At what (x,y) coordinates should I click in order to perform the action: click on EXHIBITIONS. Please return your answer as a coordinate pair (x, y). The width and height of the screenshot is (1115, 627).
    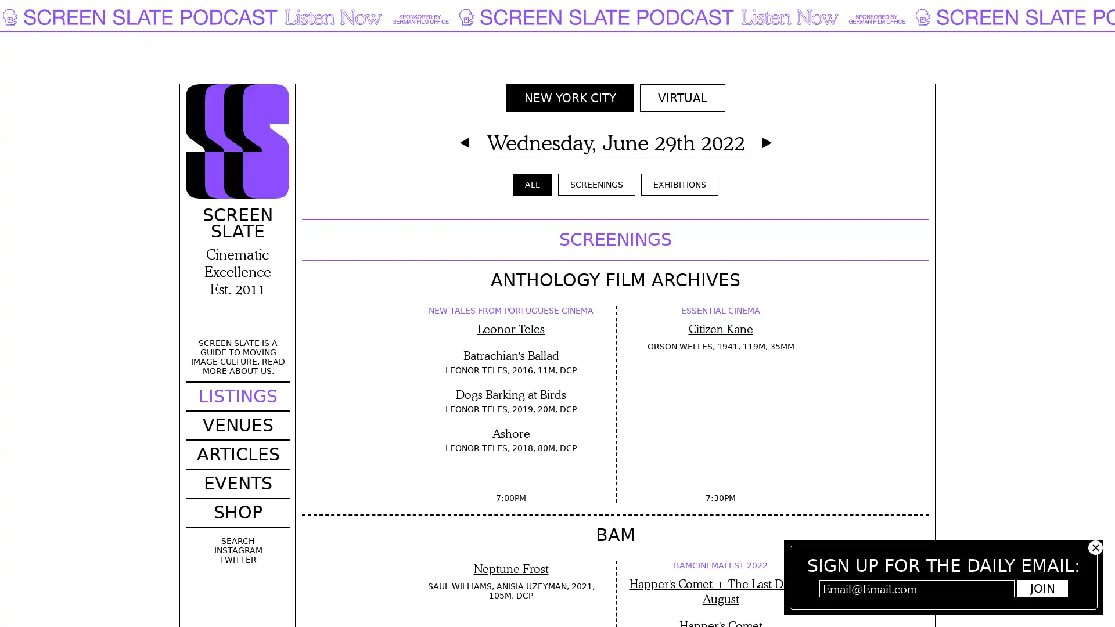
    Looking at the image, I should click on (679, 183).